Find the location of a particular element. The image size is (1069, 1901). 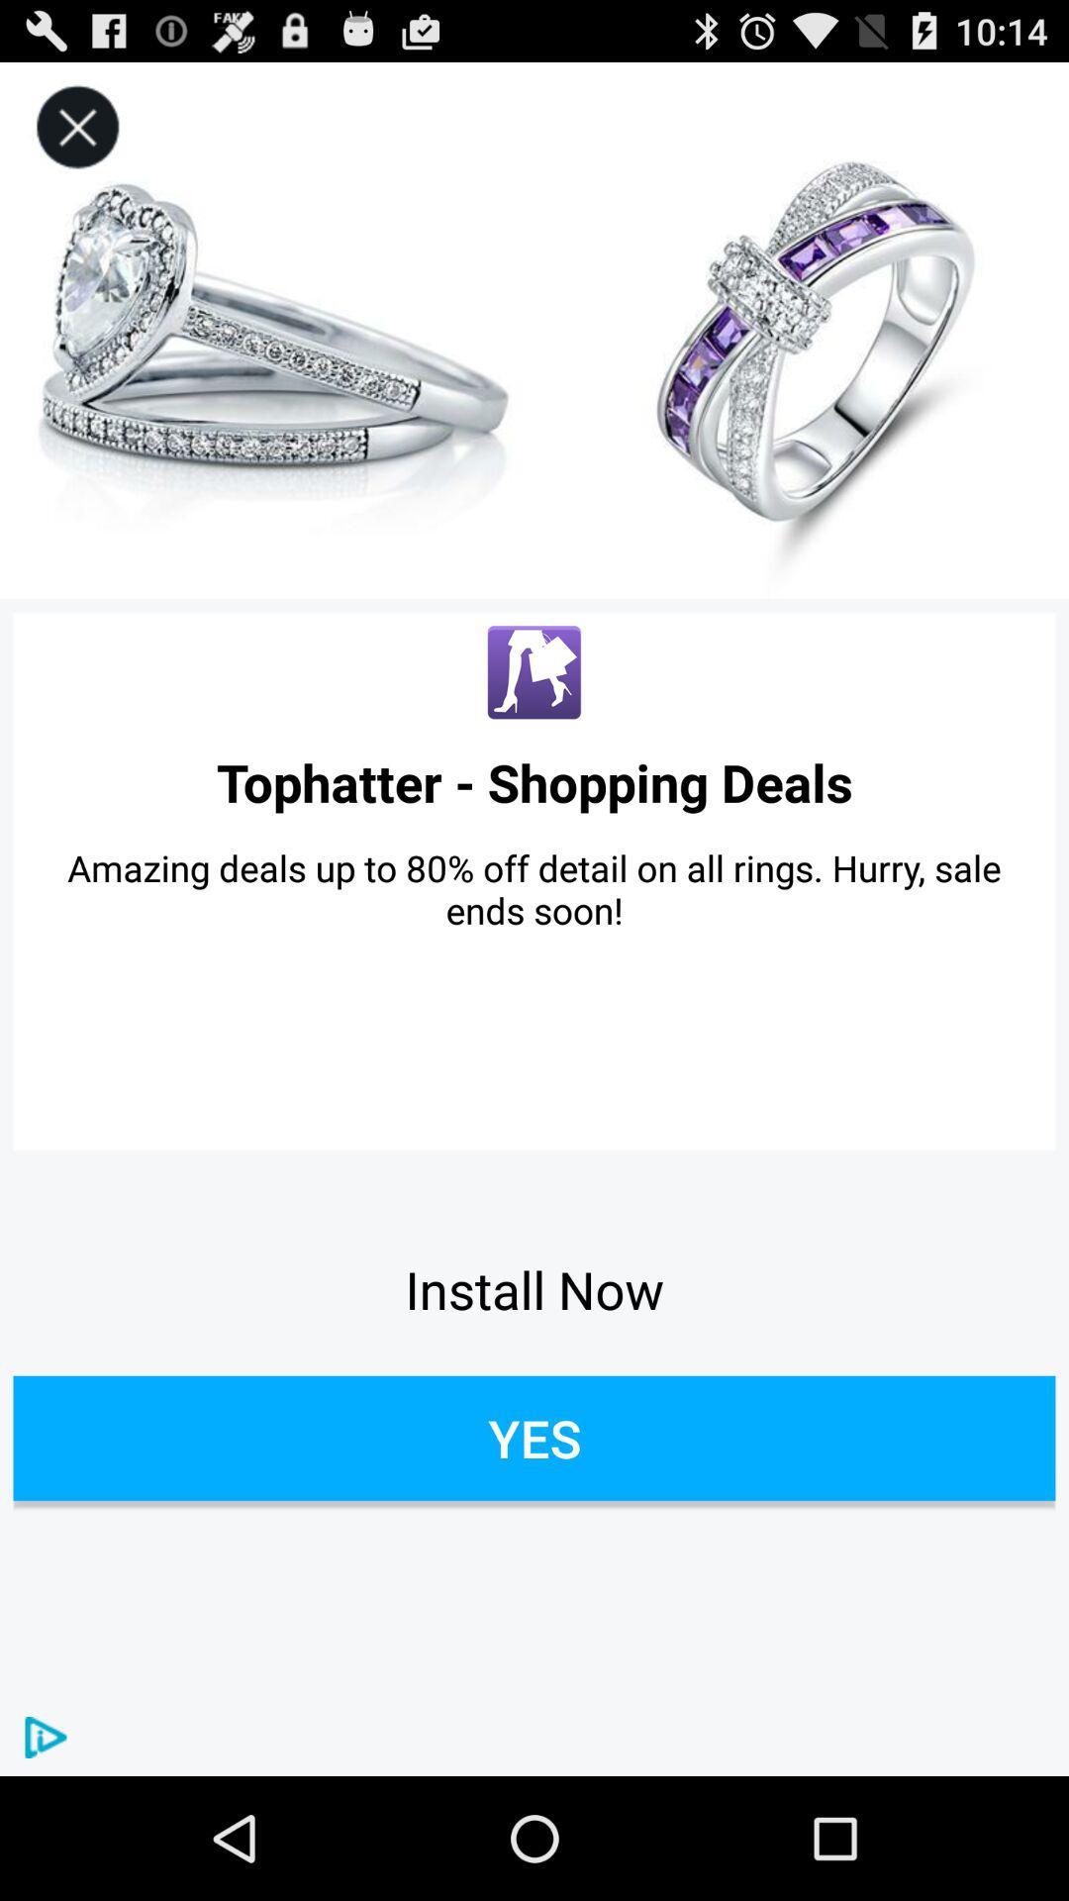

icon at the top is located at coordinates (534, 331).